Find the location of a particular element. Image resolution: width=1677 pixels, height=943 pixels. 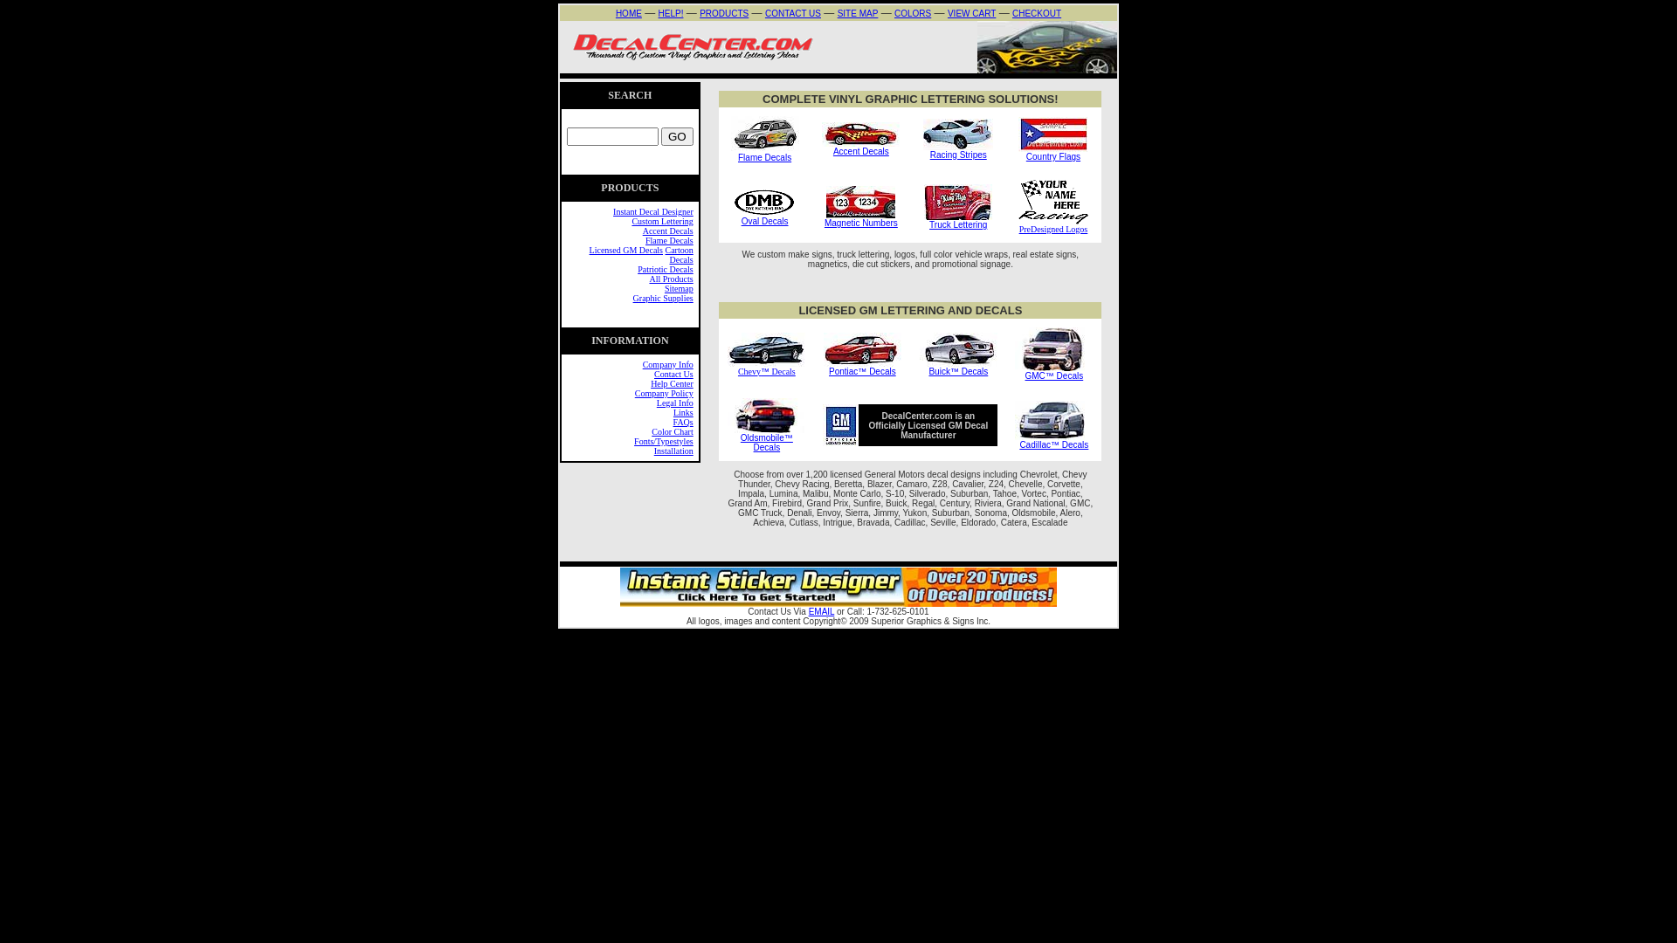

'Company Policy' is located at coordinates (663, 393).